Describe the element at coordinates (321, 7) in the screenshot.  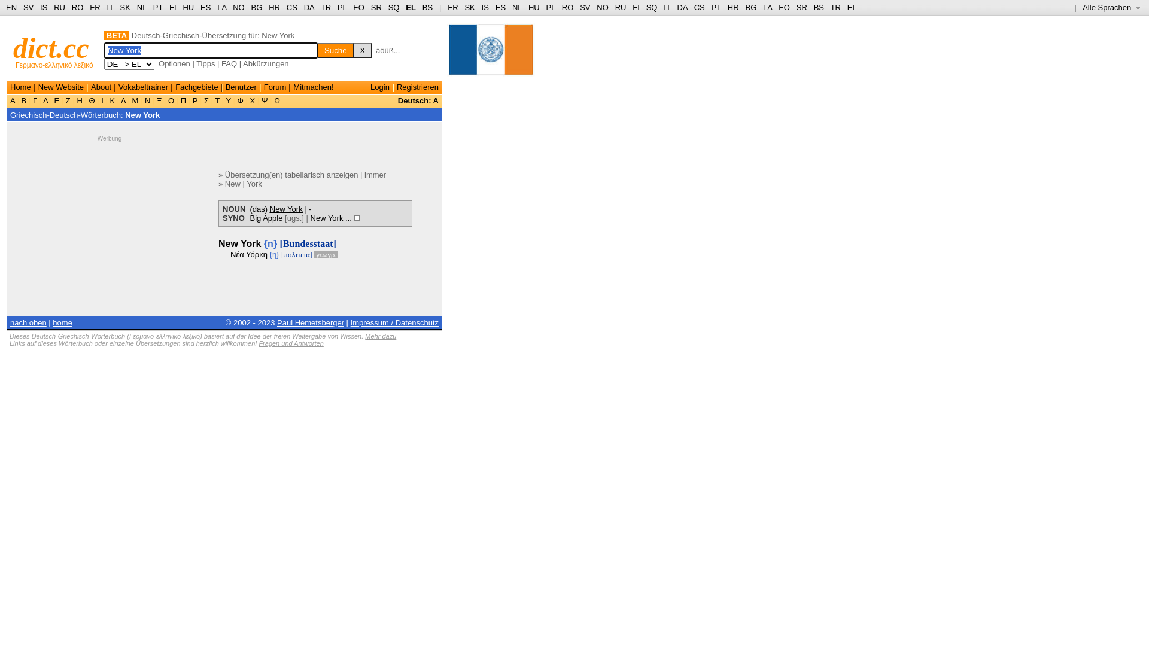
I see `'TR'` at that location.